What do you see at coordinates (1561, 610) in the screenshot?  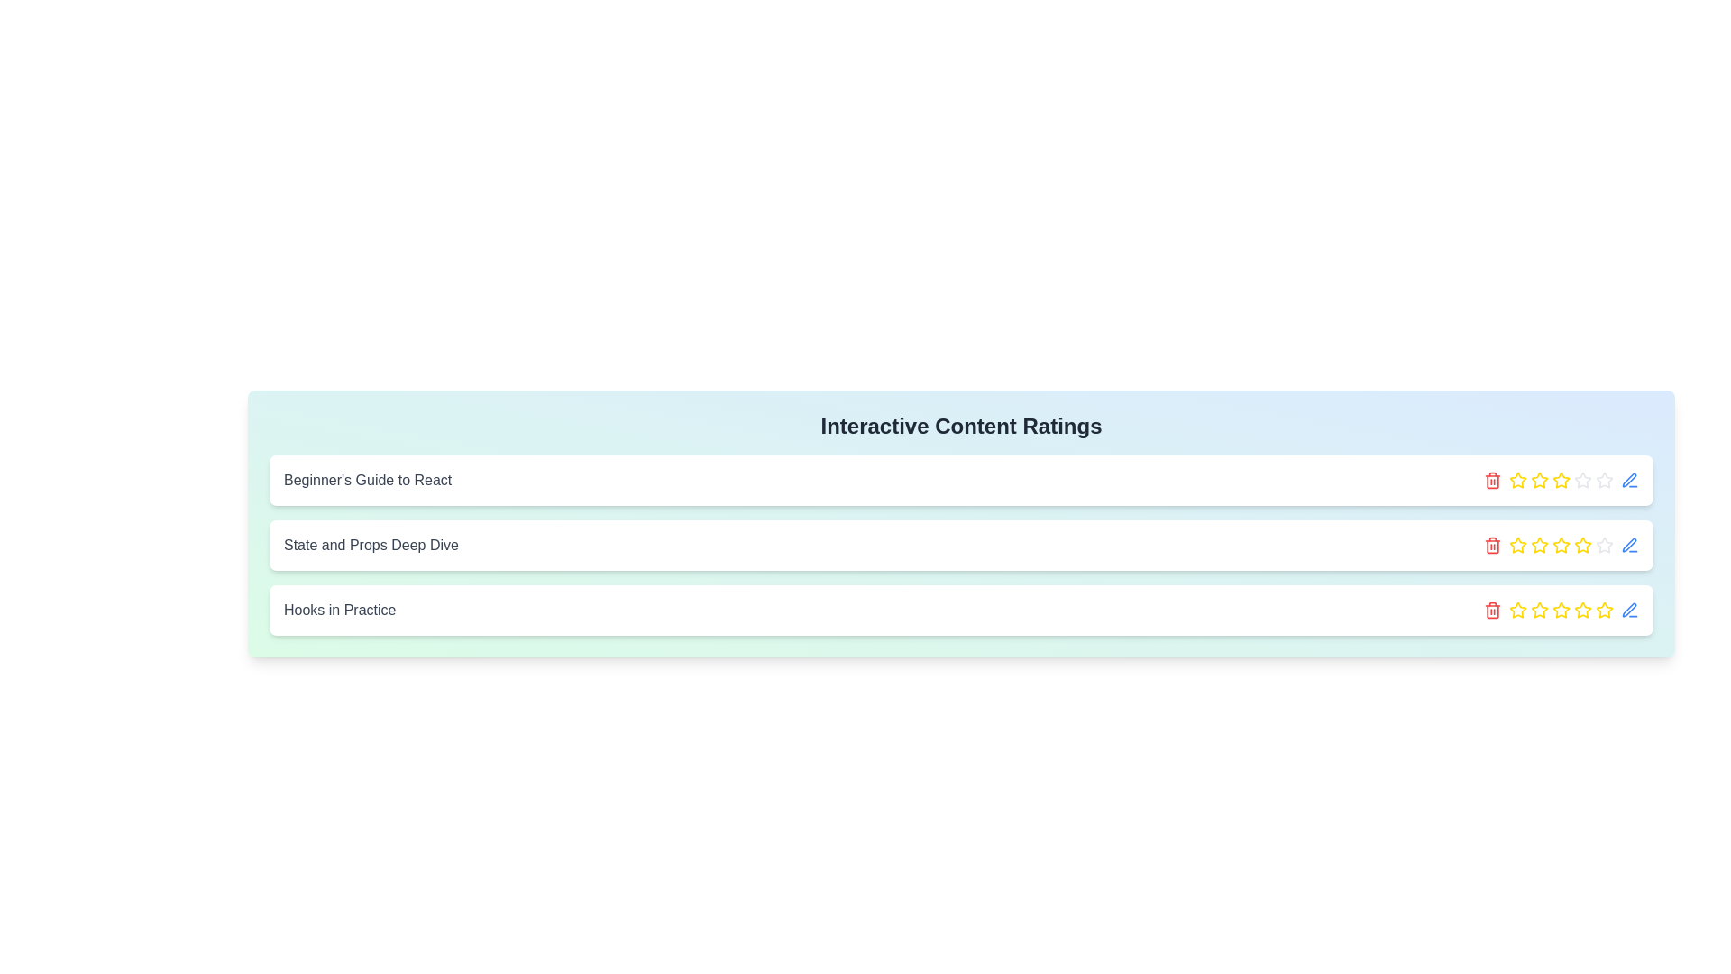 I see `the fifth star icon in the 'Hooks in Practice' rating section` at bounding box center [1561, 610].